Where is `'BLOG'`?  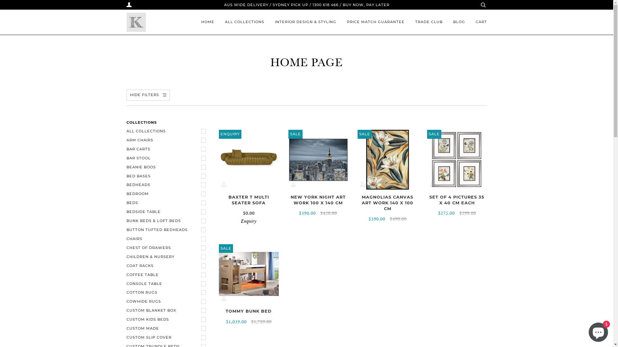
'BLOG' is located at coordinates (459, 22).